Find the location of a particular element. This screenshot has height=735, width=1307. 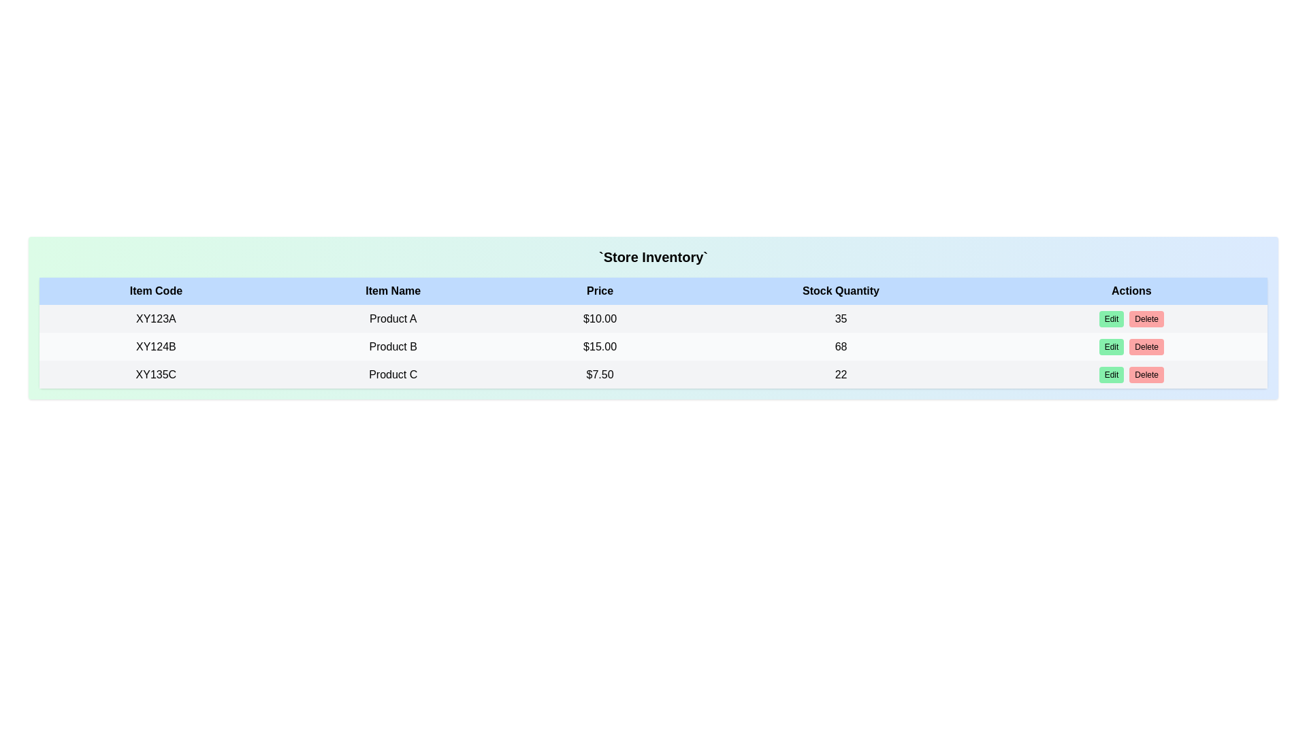

the static text displaying the stock quantity of 'Product B' located in the fourth column of the second row of the table, between the '$15.00' price entry and the 'EditDelete' action controls is located at coordinates (840, 346).